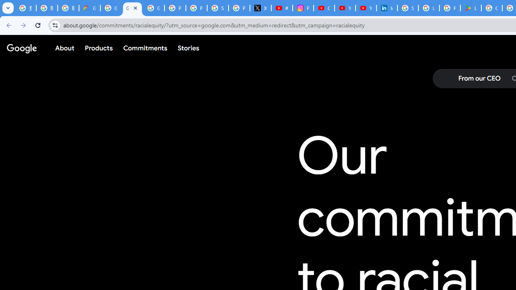 The height and width of the screenshot is (290, 516). What do you see at coordinates (65, 48) in the screenshot?
I see `'About'` at bounding box center [65, 48].